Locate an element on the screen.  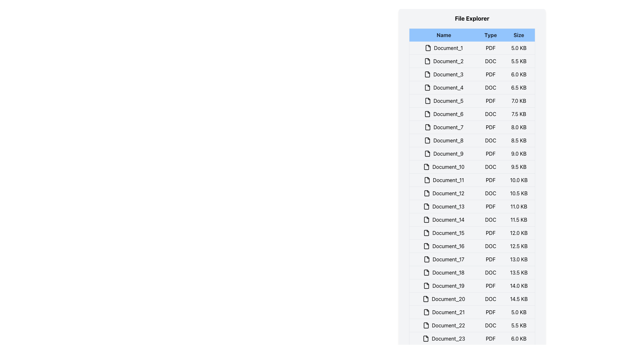
the 19th row of the data table is located at coordinates (472, 285).